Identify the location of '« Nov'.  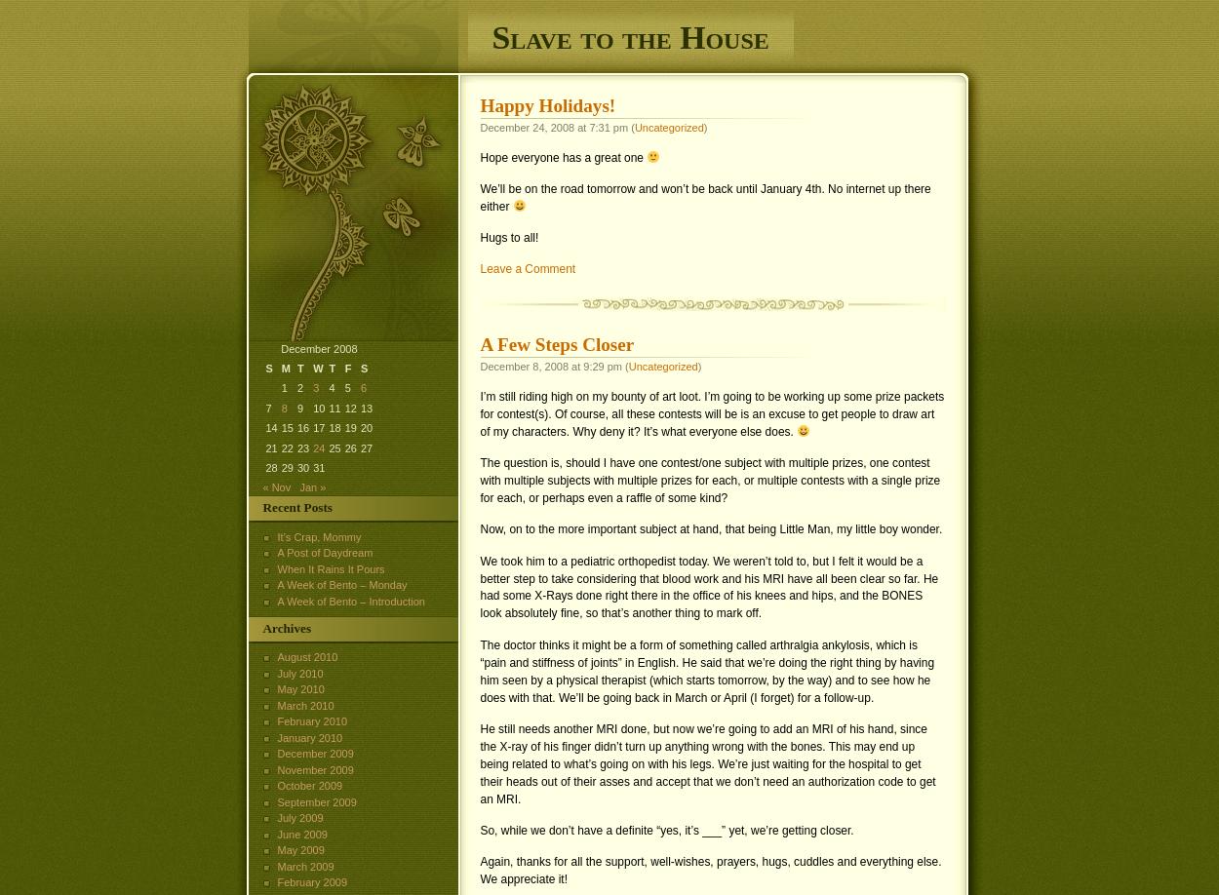
(276, 486).